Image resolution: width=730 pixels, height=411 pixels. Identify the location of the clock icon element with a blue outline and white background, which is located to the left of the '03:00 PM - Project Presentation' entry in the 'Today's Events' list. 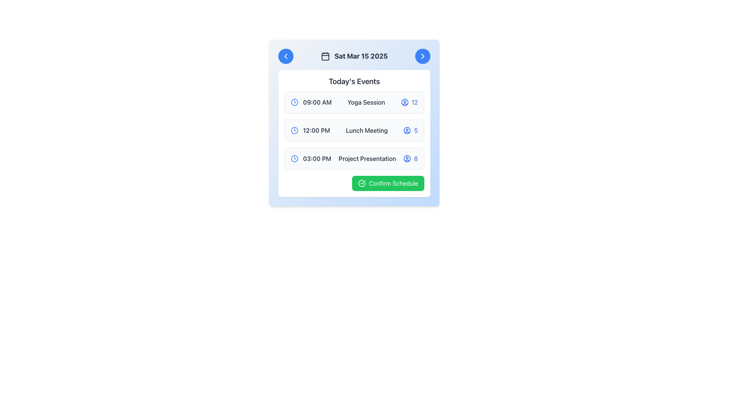
(294, 158).